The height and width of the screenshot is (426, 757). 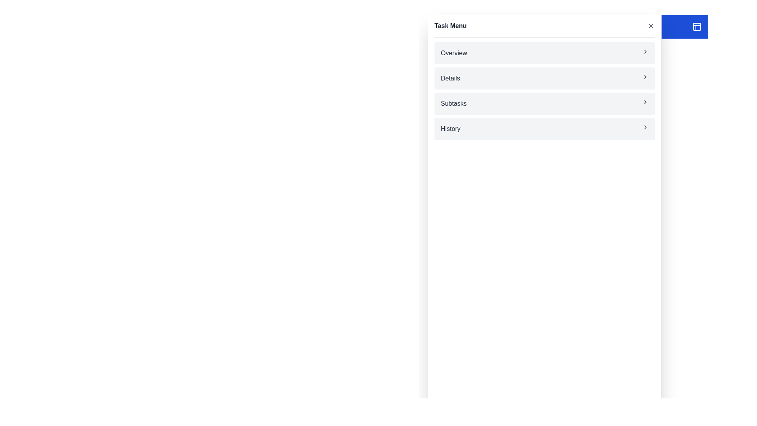 I want to click on the 'Details' menu item in the 'Task Menu' section, which is positioned between the 'Overview' and 'Subtasks' items, so click(x=544, y=78).